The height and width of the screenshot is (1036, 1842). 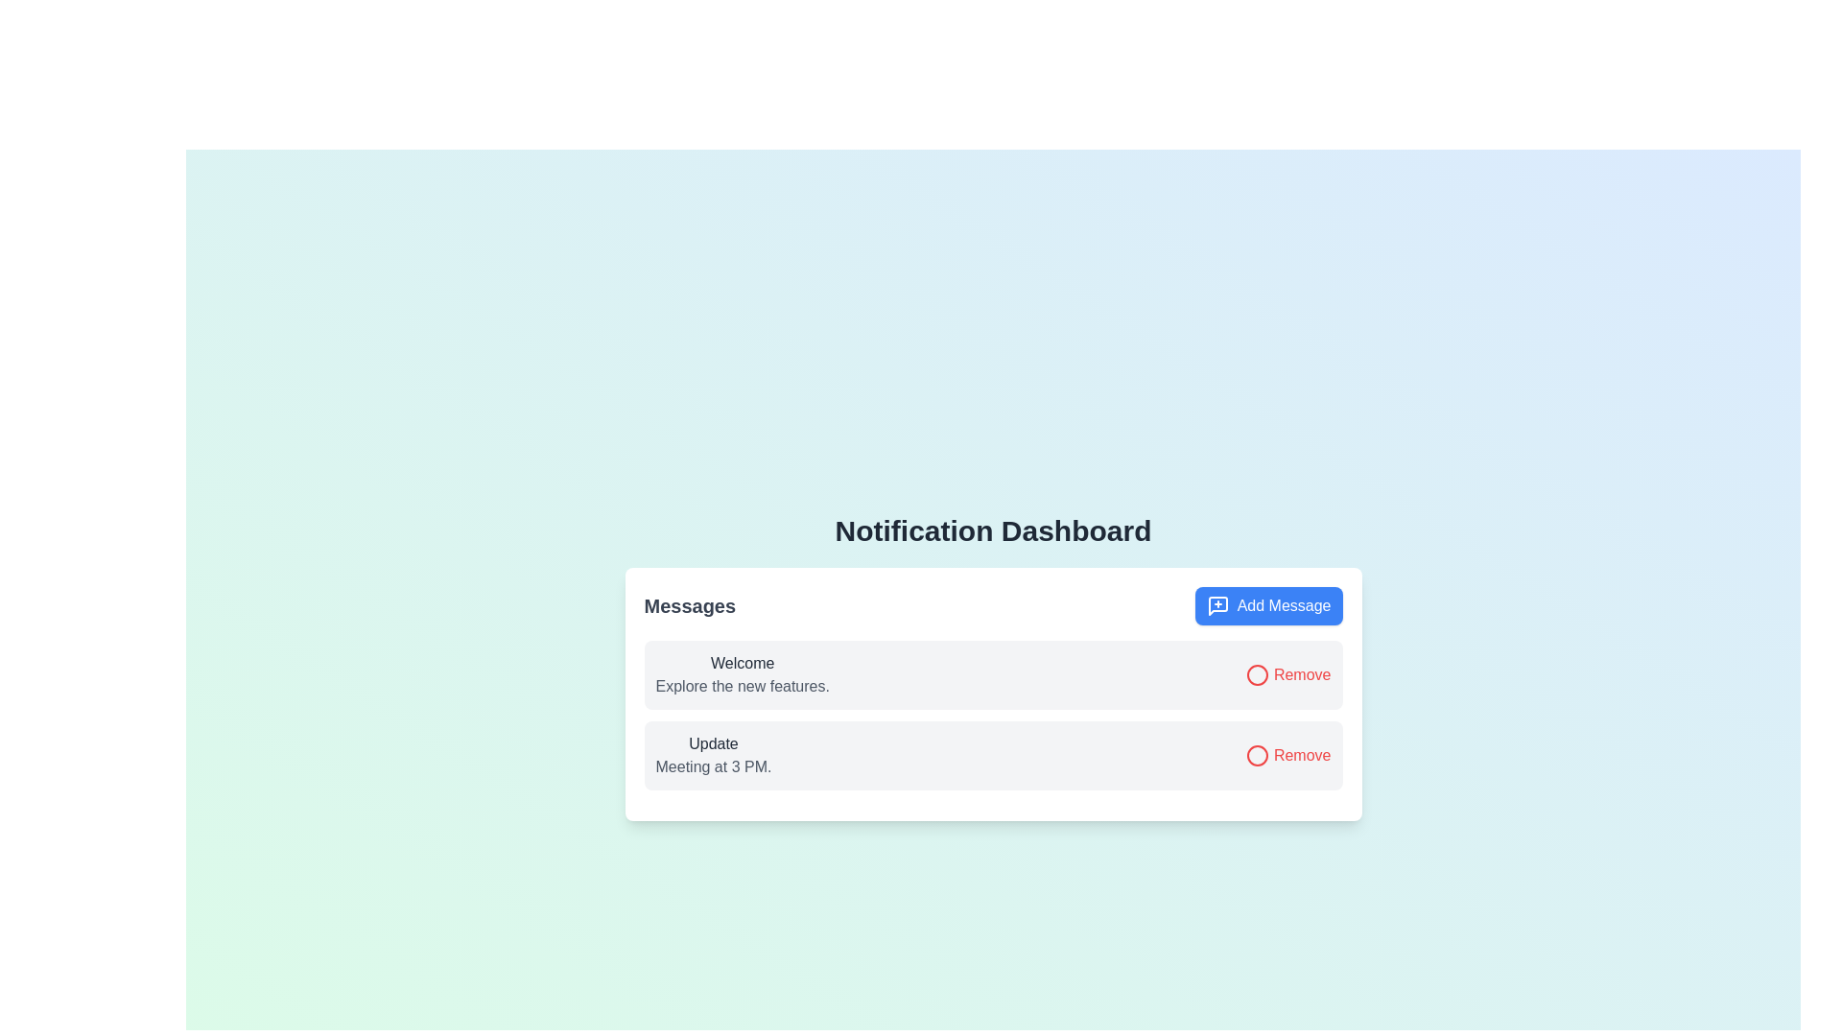 I want to click on the static text component displaying 'Meeting at 3 PM.' which is aligned under the header 'Messages' in the 'Notification Dashboard.', so click(x=713, y=765).